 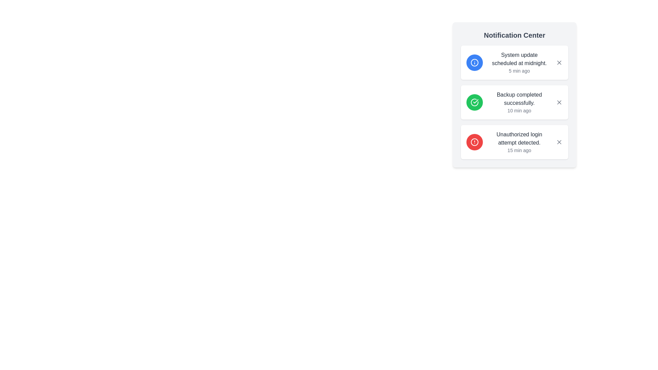 I want to click on the 'X' close icon in the second notification card within the Notification Center, so click(x=559, y=102).